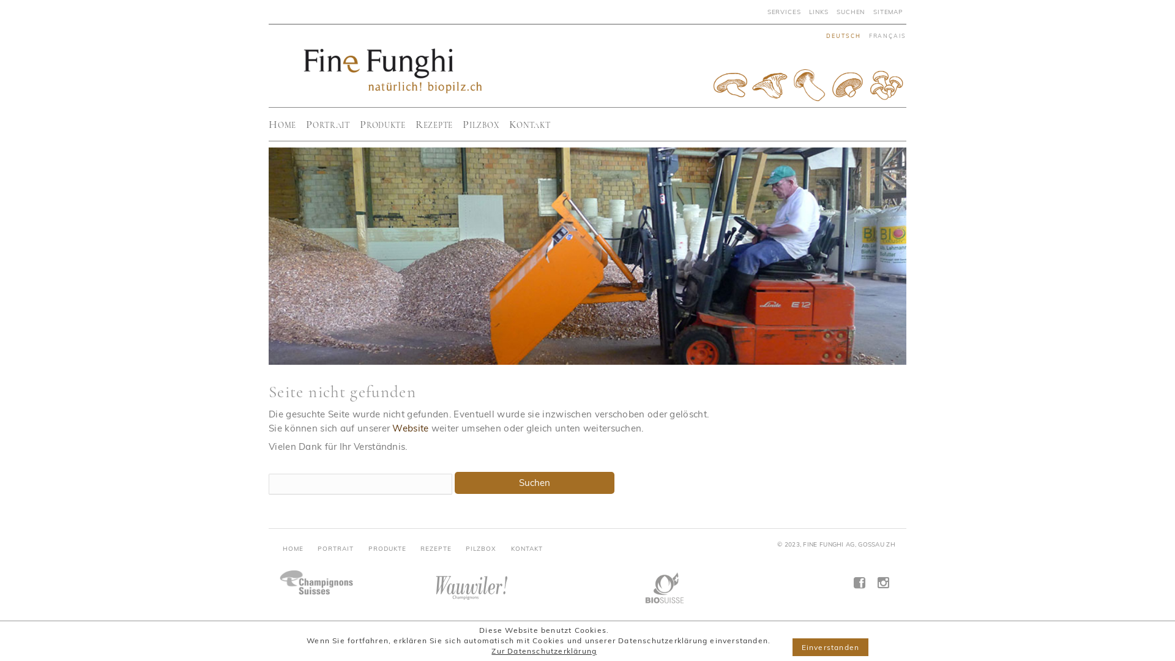  I want to click on 'Einverstanden', so click(830, 646).